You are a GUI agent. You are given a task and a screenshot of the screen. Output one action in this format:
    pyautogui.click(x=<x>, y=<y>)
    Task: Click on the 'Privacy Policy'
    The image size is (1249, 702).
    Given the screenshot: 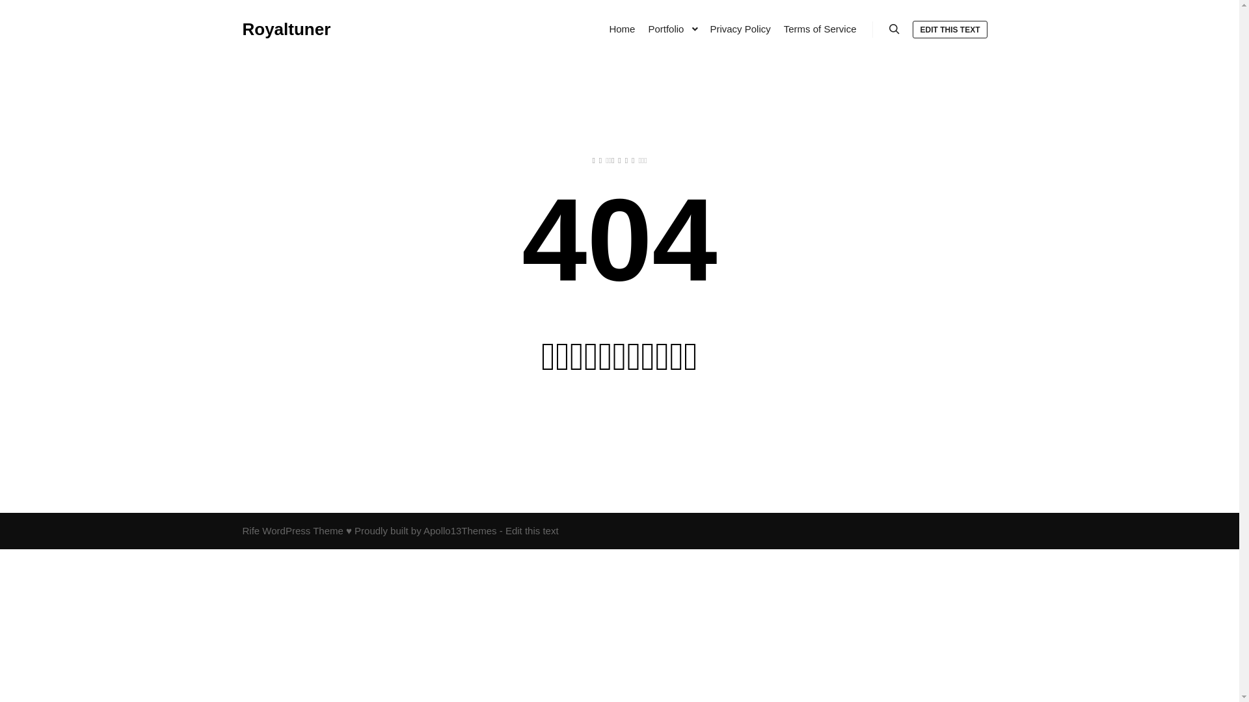 What is the action you would take?
    pyautogui.click(x=740, y=29)
    